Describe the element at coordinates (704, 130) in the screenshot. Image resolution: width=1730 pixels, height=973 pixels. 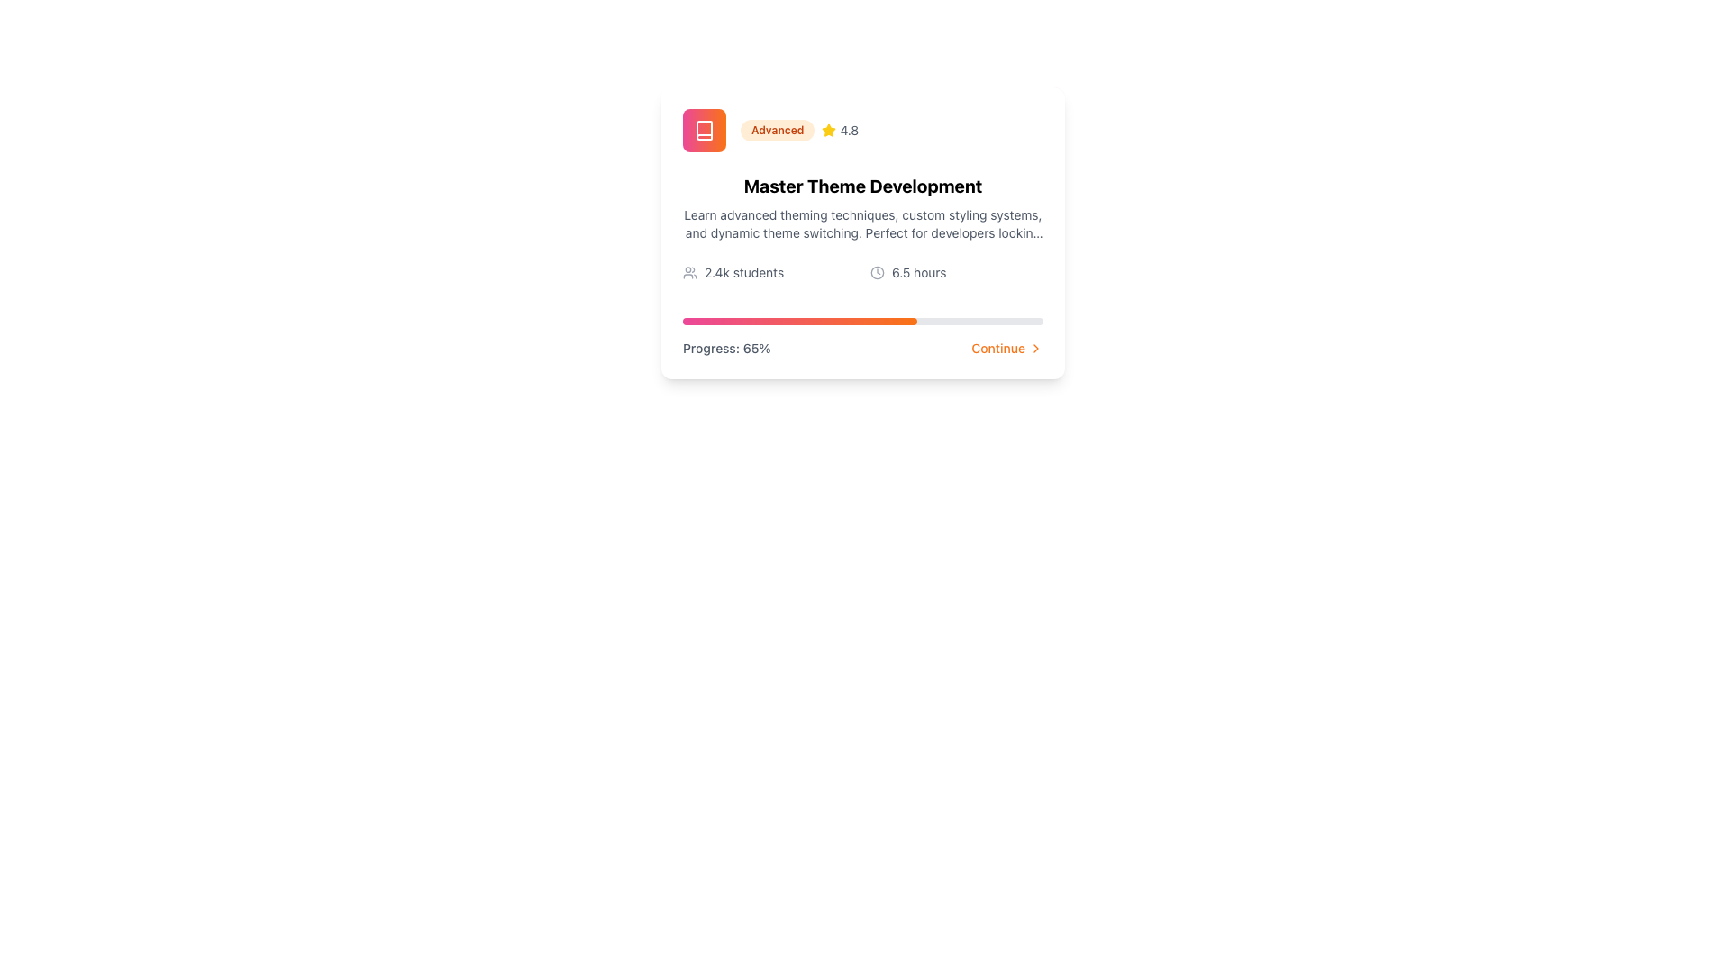
I see `the book icon with a white color against a gradient pink-to-orange background, located in the top-left corner of the card interface` at that location.